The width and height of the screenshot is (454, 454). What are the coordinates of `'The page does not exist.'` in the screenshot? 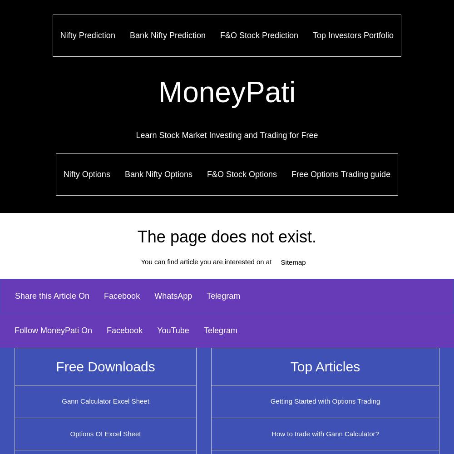 It's located at (226, 237).